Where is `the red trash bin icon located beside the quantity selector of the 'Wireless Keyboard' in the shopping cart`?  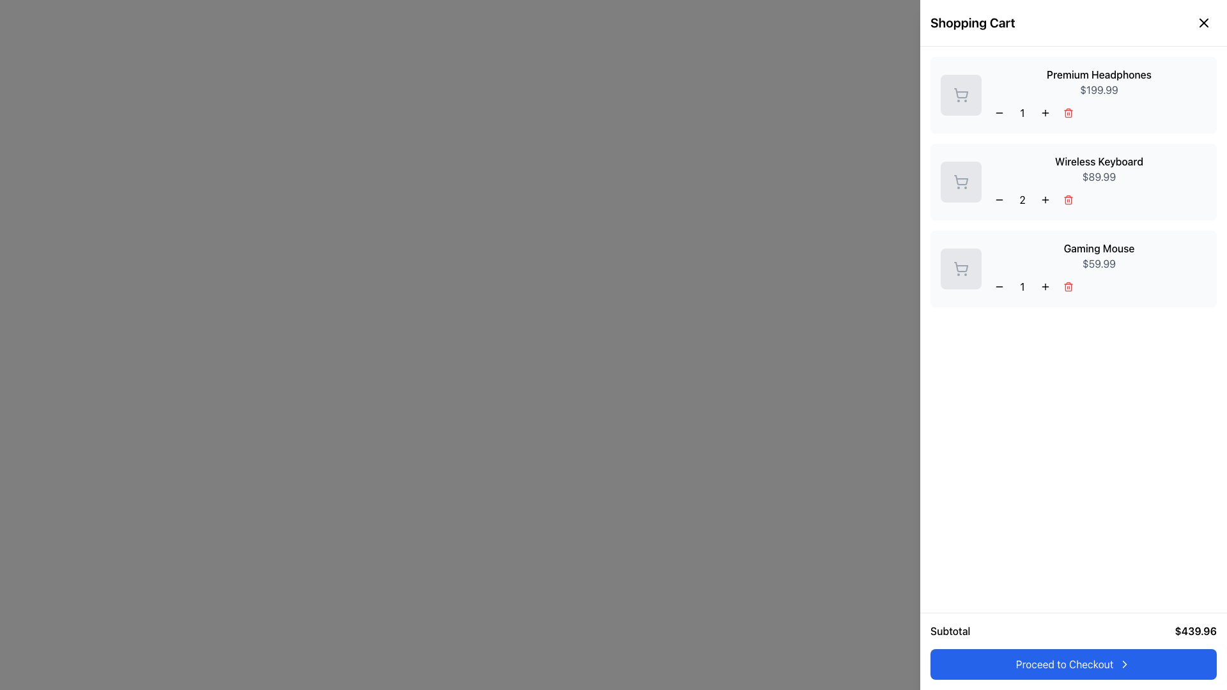
the red trash bin icon located beside the quantity selector of the 'Wireless Keyboard' in the shopping cart is located at coordinates (1068, 199).